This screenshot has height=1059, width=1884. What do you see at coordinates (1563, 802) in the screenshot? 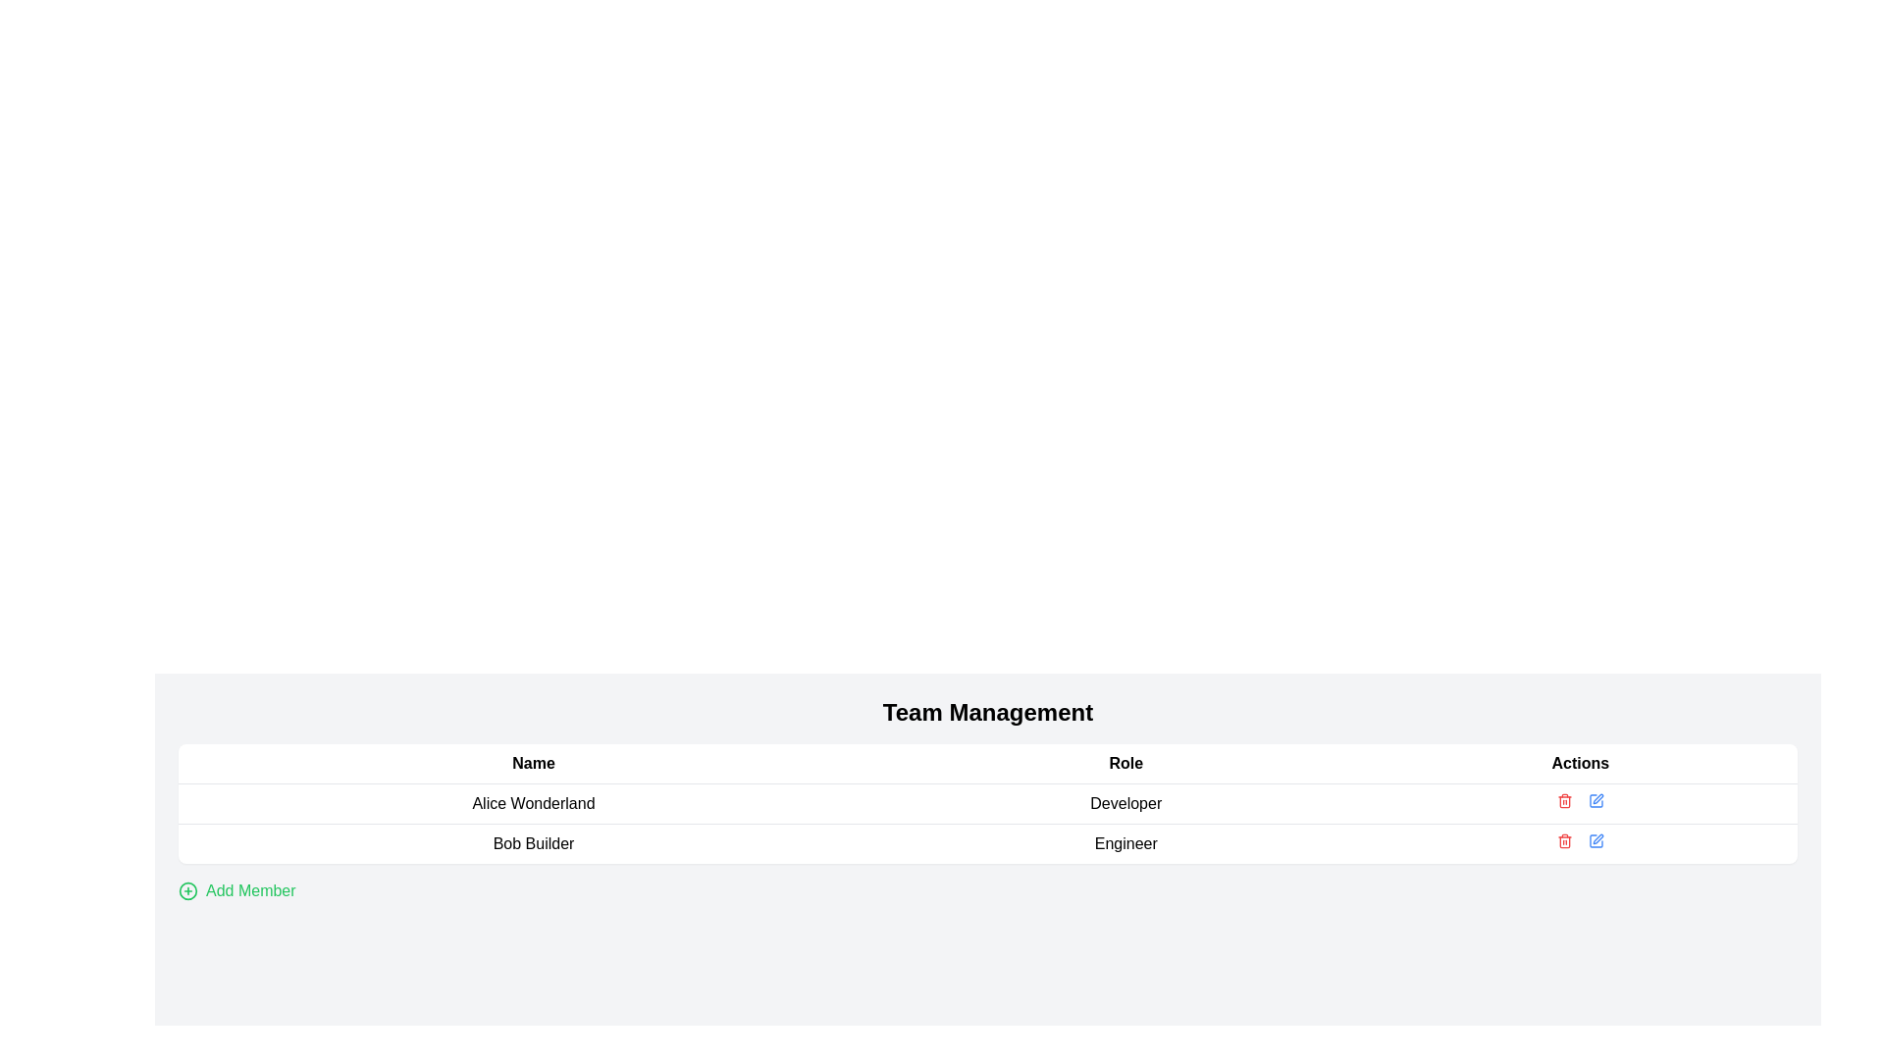
I see `the delete icon (trash icon) located in the 'Actions' column of the second row of the table` at bounding box center [1563, 802].